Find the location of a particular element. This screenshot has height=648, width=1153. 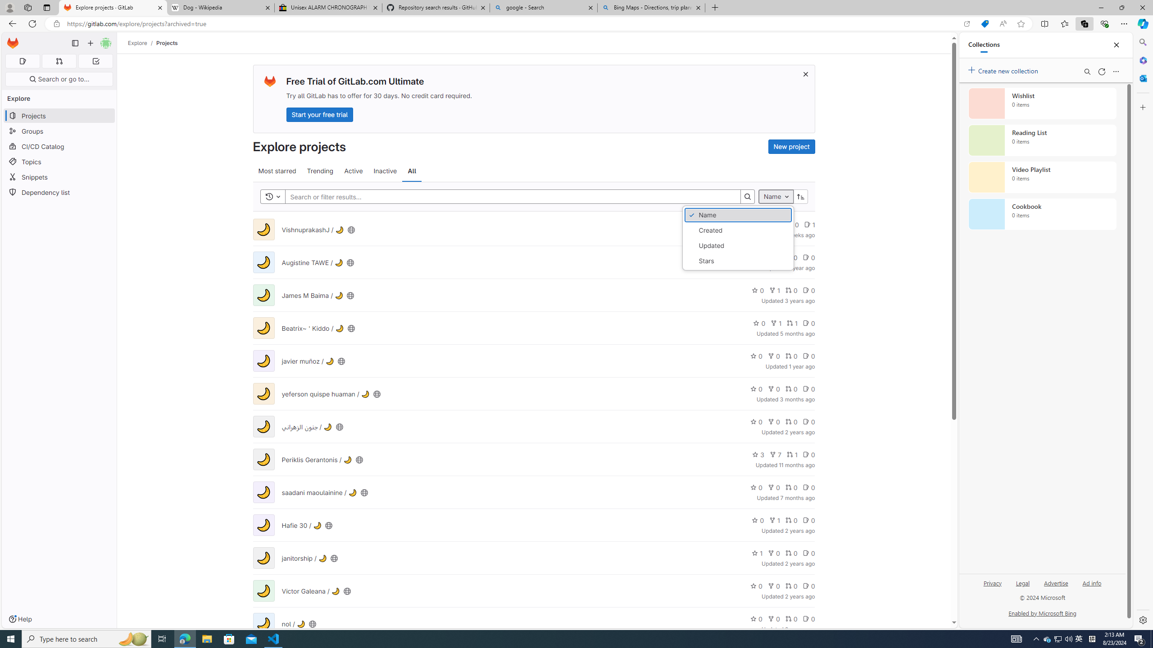

'Created' is located at coordinates (738, 229).